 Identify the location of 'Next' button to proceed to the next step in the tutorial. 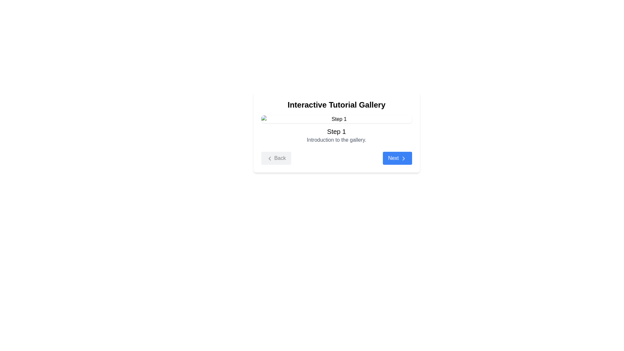
(397, 158).